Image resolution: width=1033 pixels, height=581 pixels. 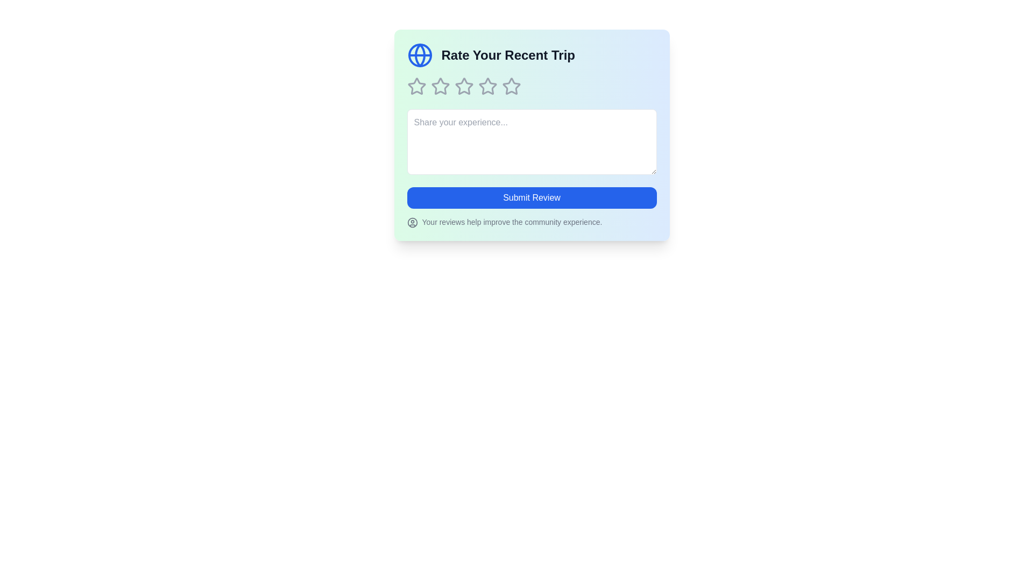 What do you see at coordinates (532, 197) in the screenshot?
I see `'Submit Review' button to submit the review` at bounding box center [532, 197].